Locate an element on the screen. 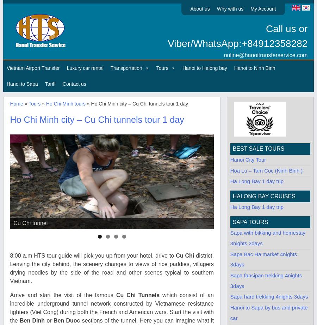 This screenshot has width=317, height=325. 'Sapa fansipan trekking  4nights 3days' is located at coordinates (266, 280).